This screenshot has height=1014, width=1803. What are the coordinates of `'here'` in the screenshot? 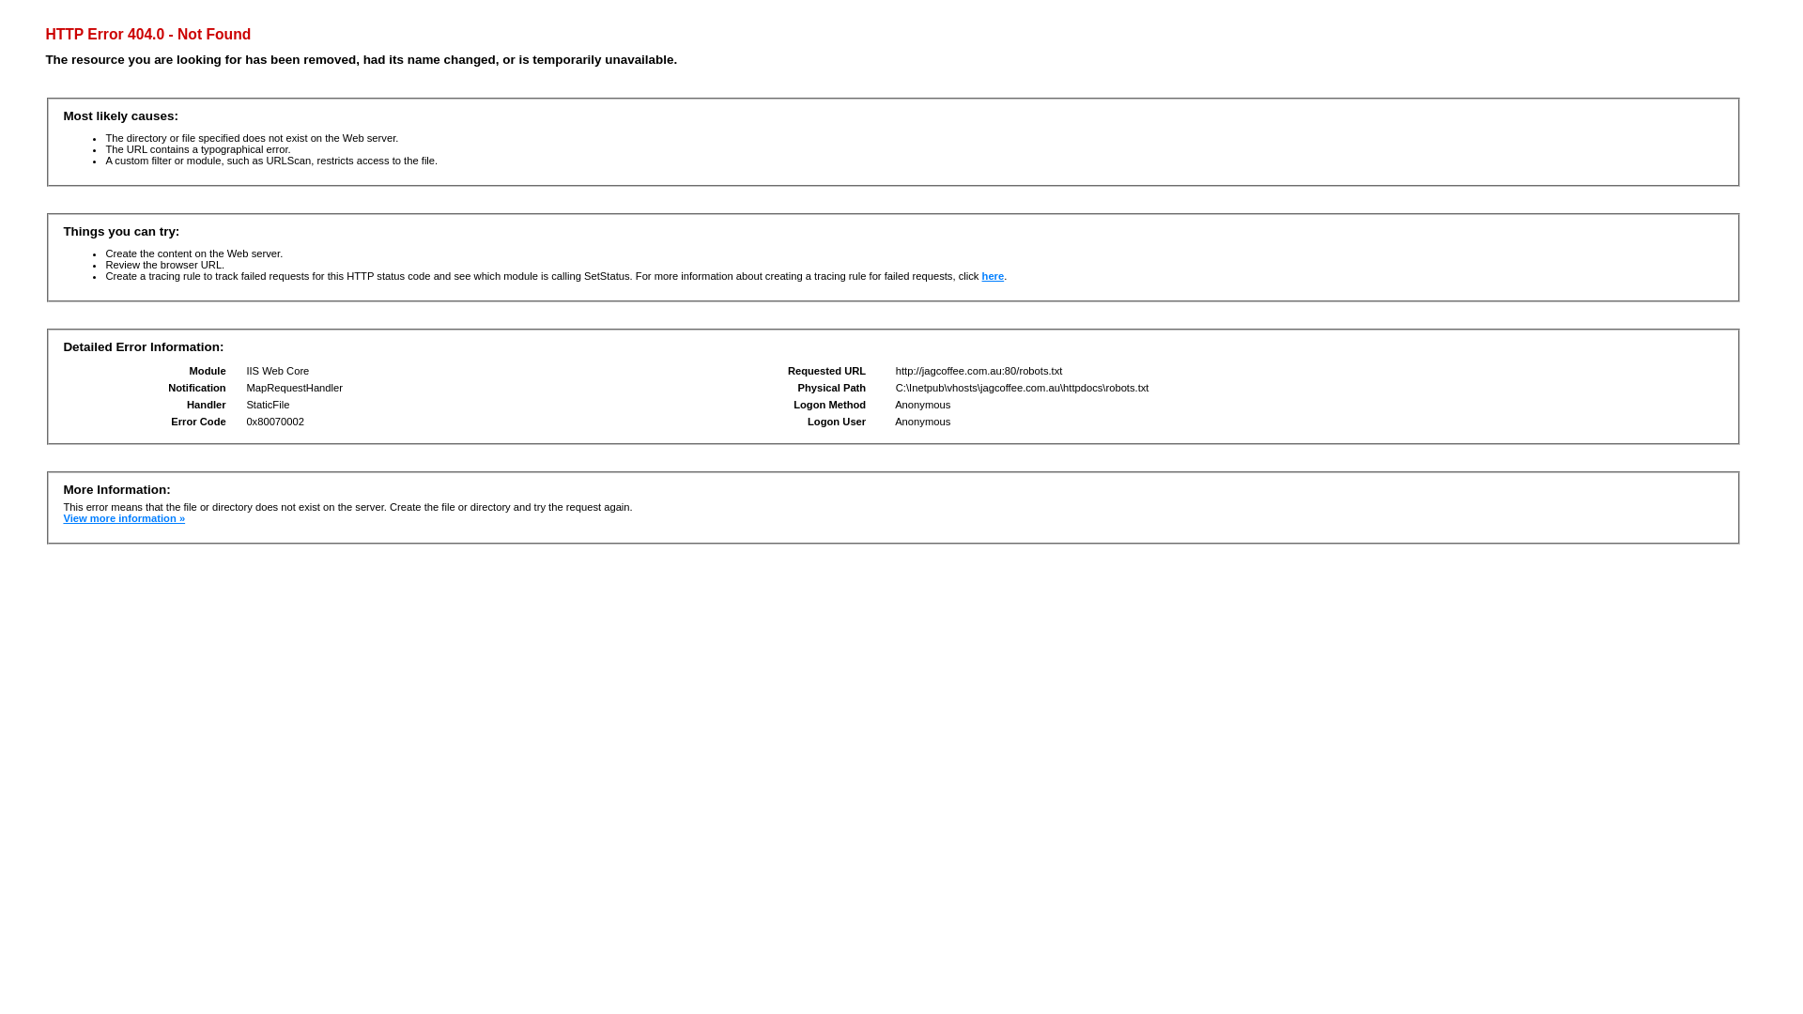 It's located at (992, 275).